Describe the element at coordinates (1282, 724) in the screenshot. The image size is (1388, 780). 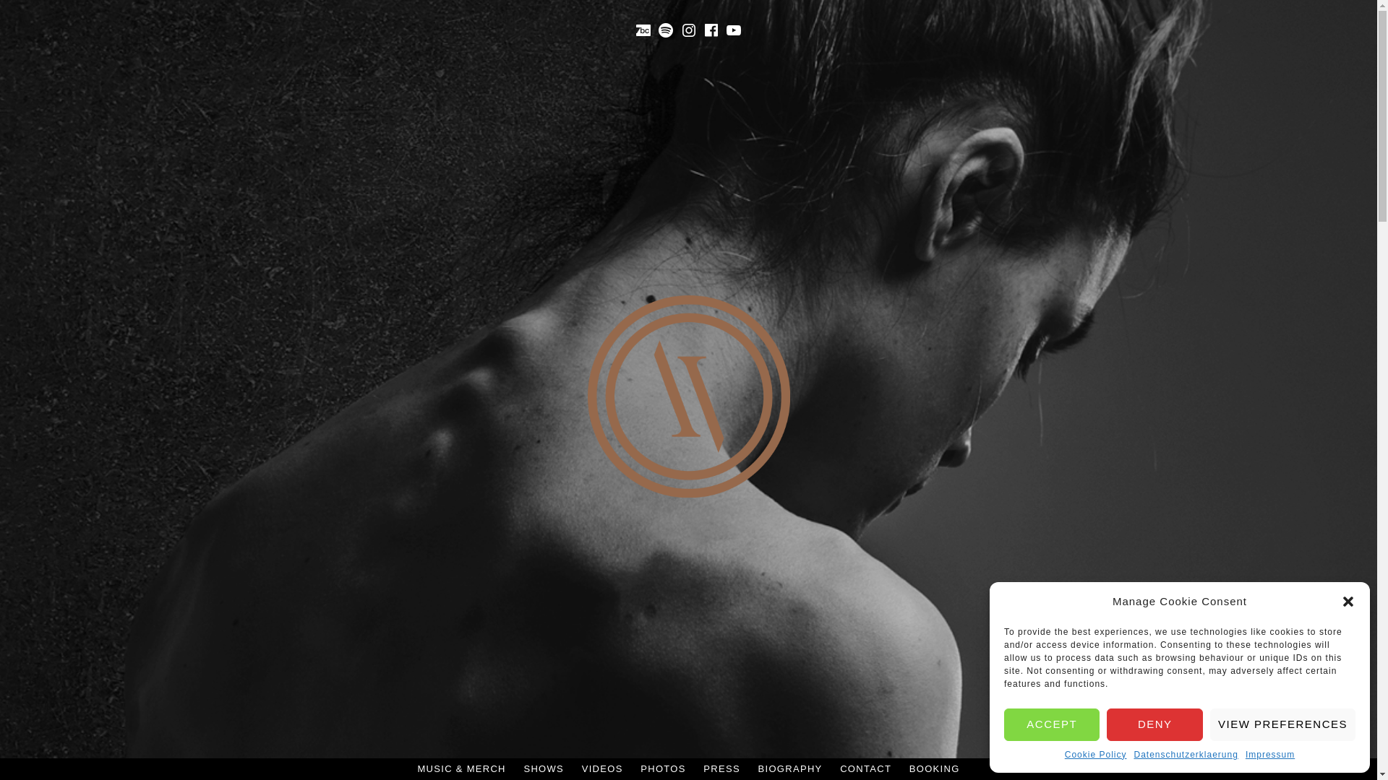
I see `'VIEW PREFERENCES'` at that location.